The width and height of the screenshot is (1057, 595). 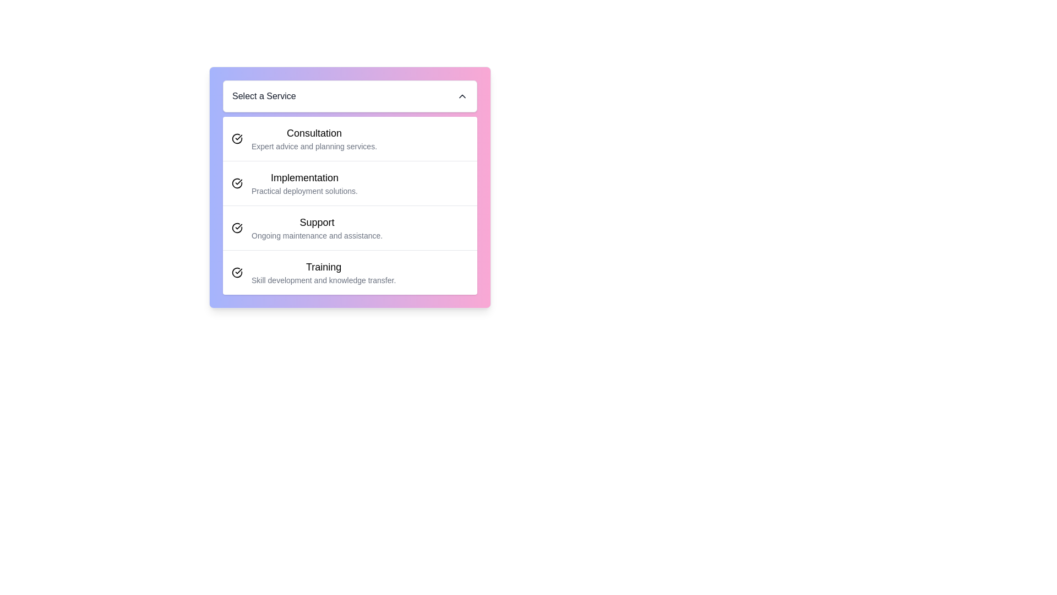 I want to click on the 'Training' text option in the fourth selectable list item under the 'Select a Service' menu, so click(x=323, y=272).